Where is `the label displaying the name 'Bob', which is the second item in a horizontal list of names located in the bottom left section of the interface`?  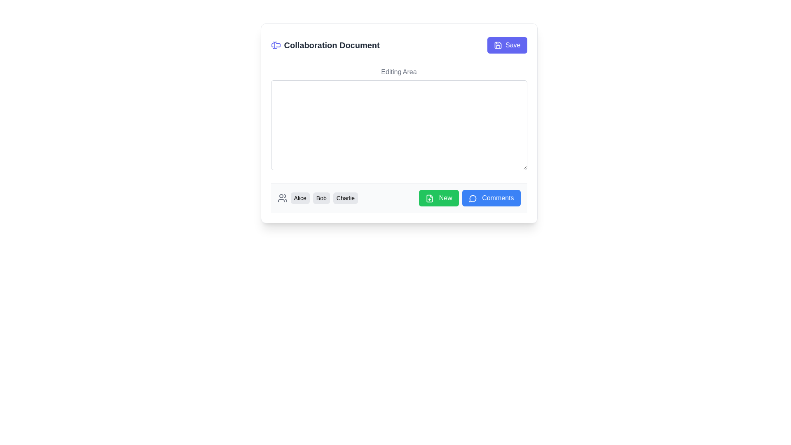
the label displaying the name 'Bob', which is the second item in a horizontal list of names located in the bottom left section of the interface is located at coordinates (321, 198).